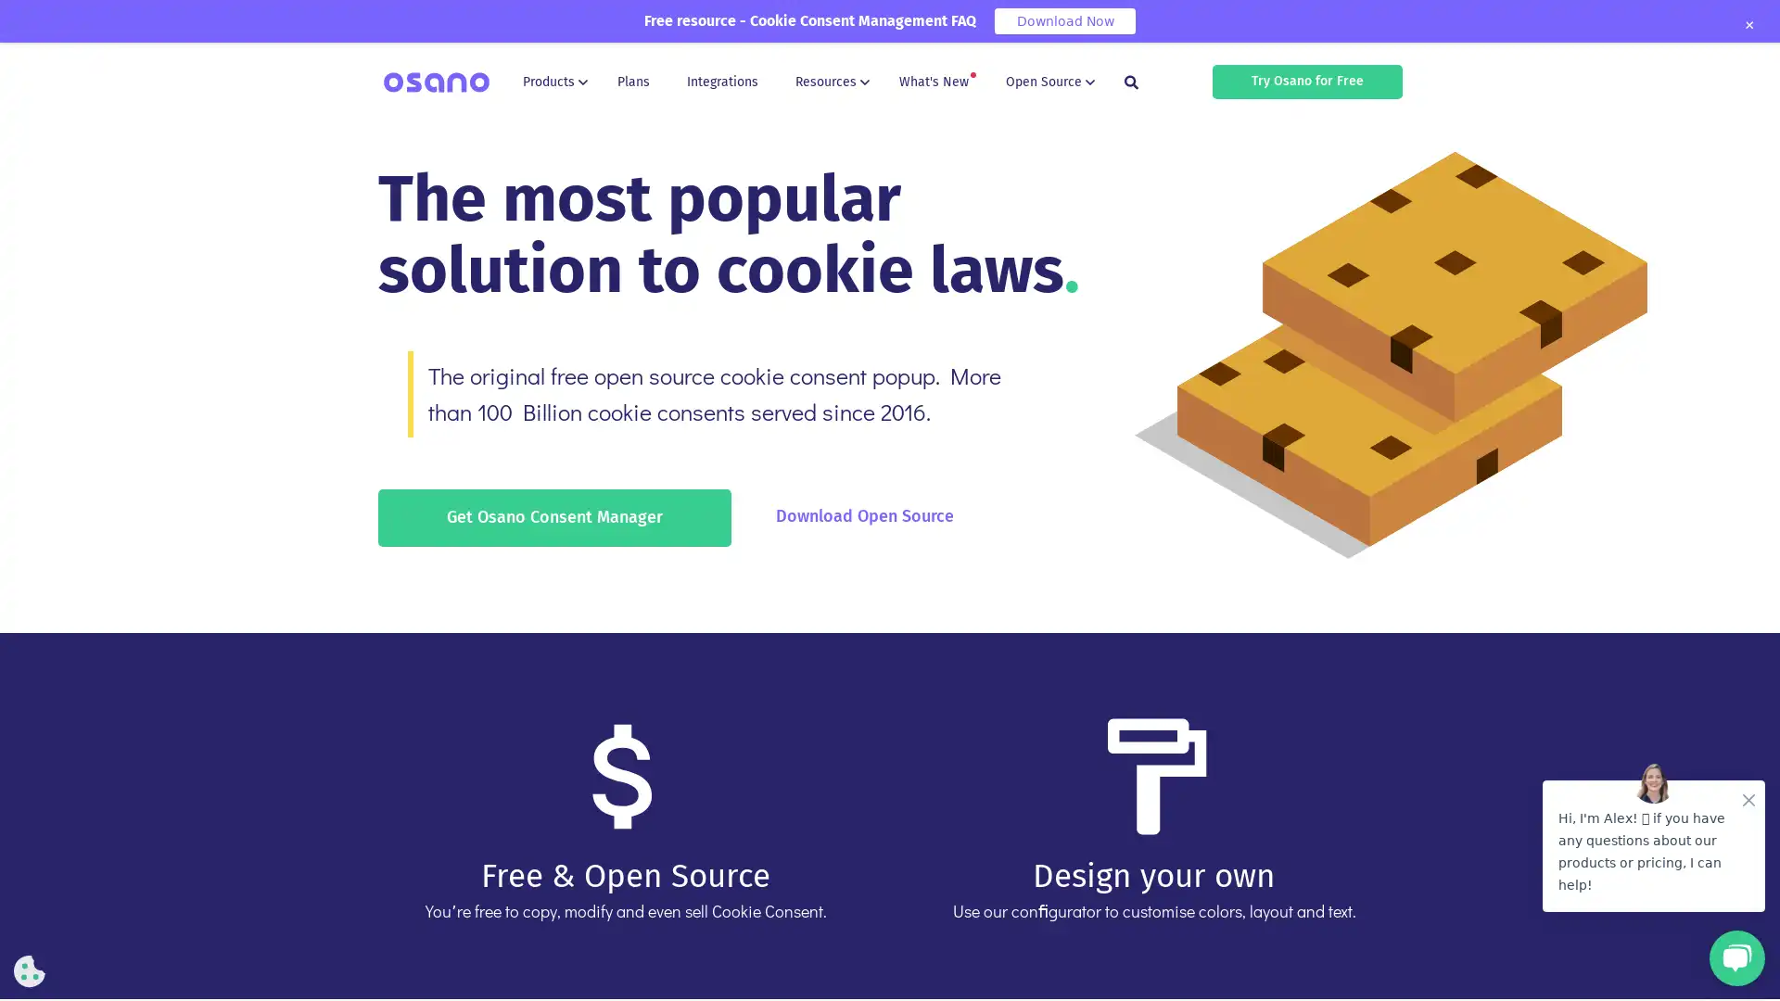 The height and width of the screenshot is (1001, 1780). What do you see at coordinates (30, 970) in the screenshot?
I see `Cookie Preferences` at bounding box center [30, 970].